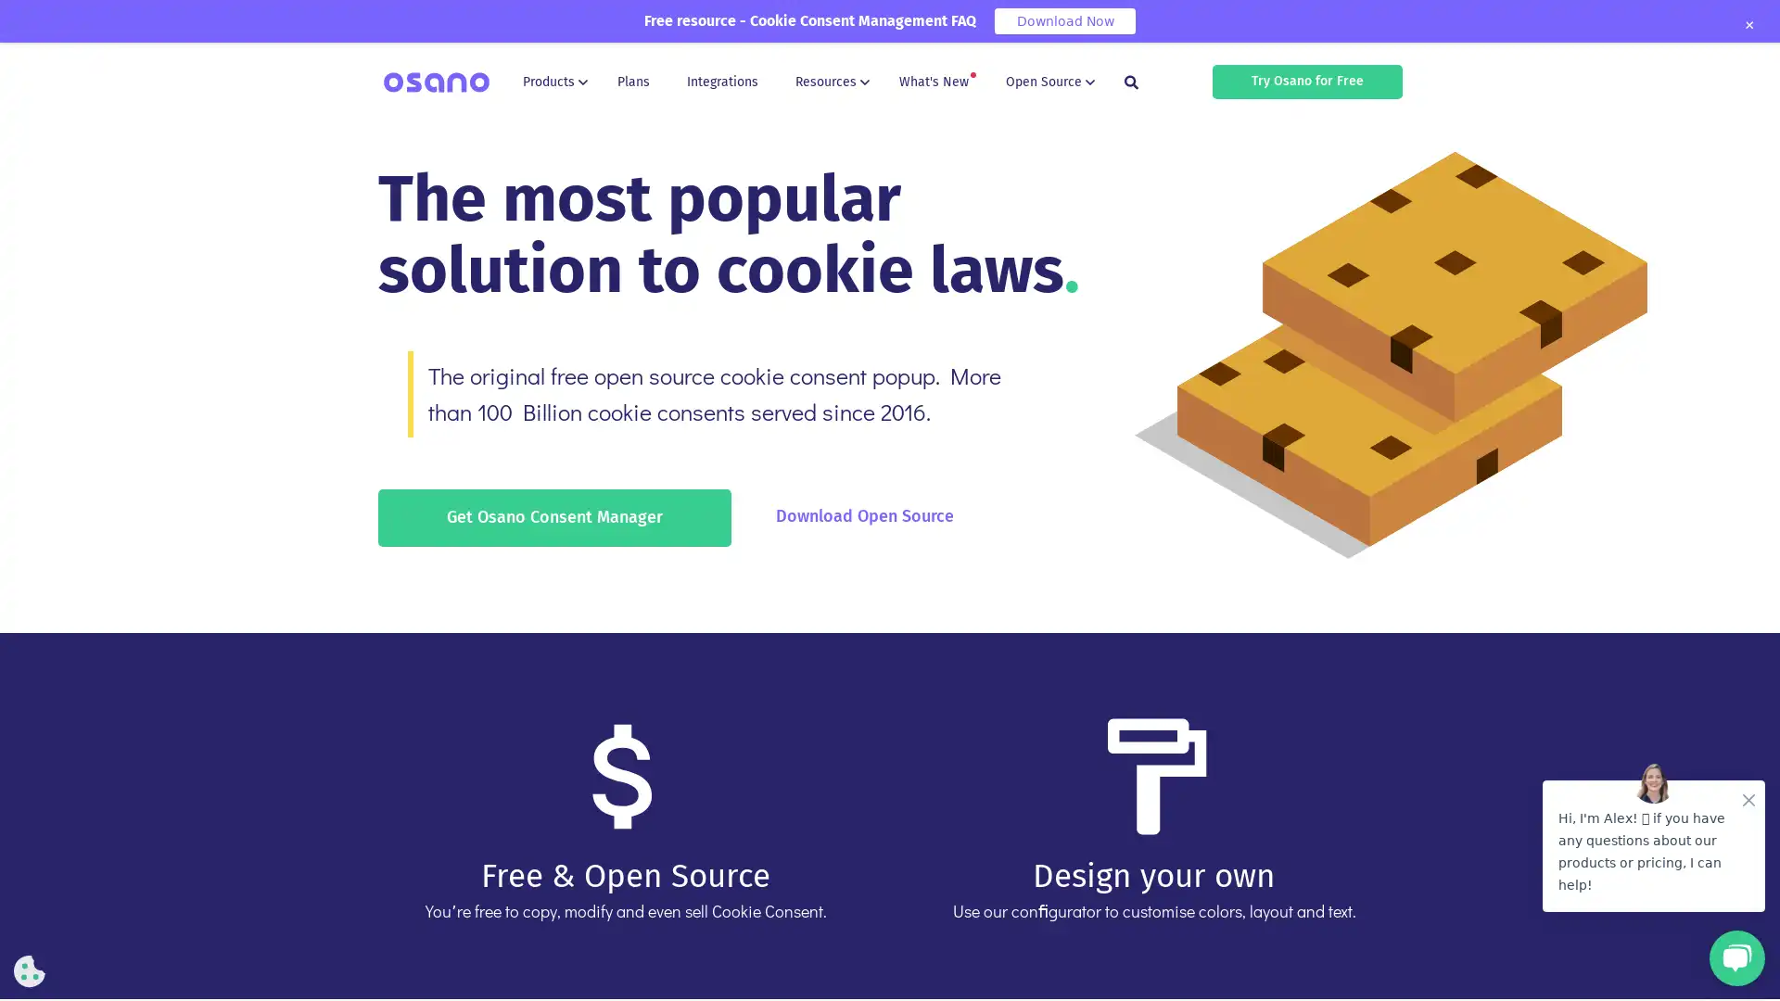 The height and width of the screenshot is (1001, 1780). What do you see at coordinates (30, 970) in the screenshot?
I see `Cookie Preferences` at bounding box center [30, 970].